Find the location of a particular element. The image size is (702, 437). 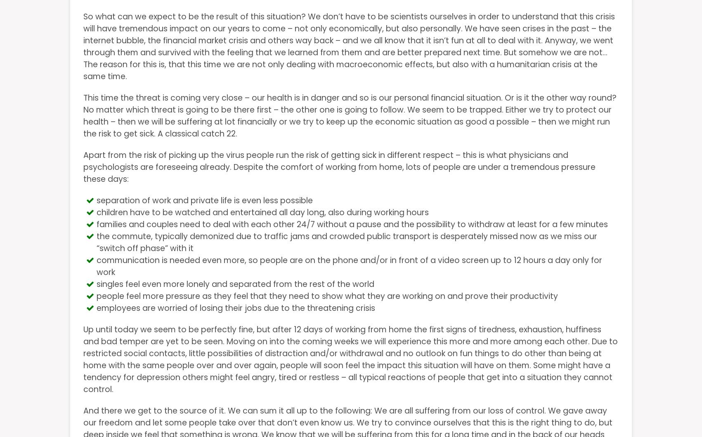

'separation of work and private life is even less possible' is located at coordinates (205, 200).